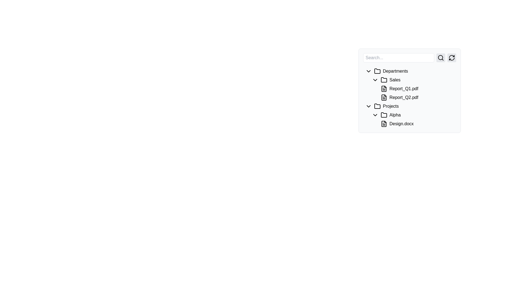 This screenshot has width=527, height=296. I want to click on the Chevron Down icon, so click(369, 106).